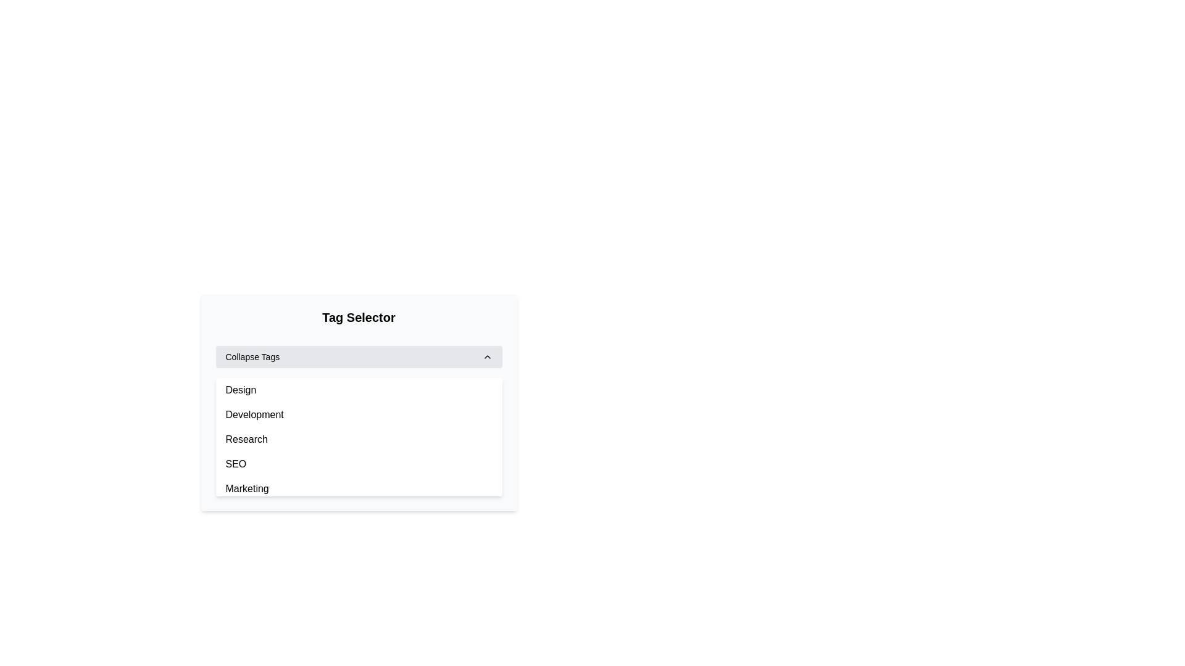 The width and height of the screenshot is (1185, 666). I want to click on the upward chevron icon located at the far right of the 'Collapse Tags' section, so click(486, 356).